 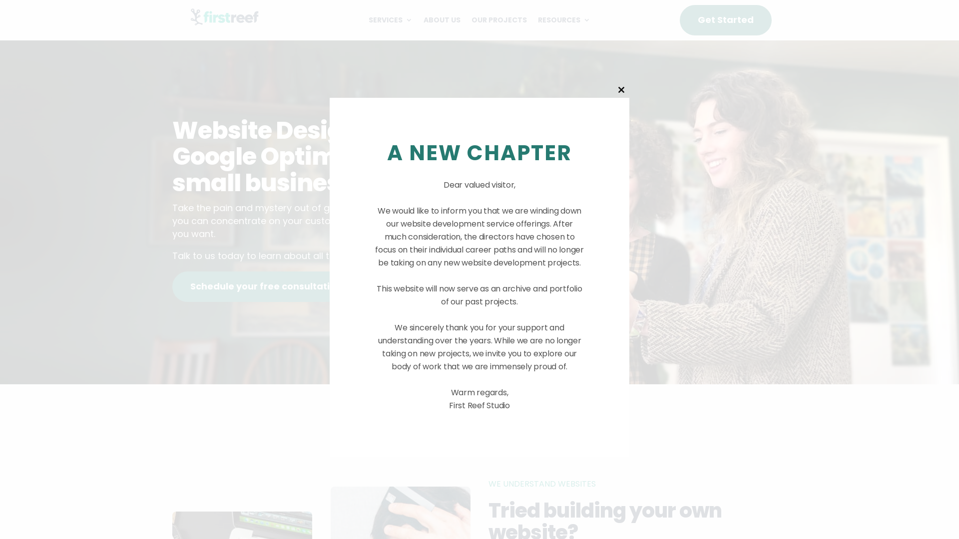 What do you see at coordinates (726, 20) in the screenshot?
I see `'Get Started'` at bounding box center [726, 20].